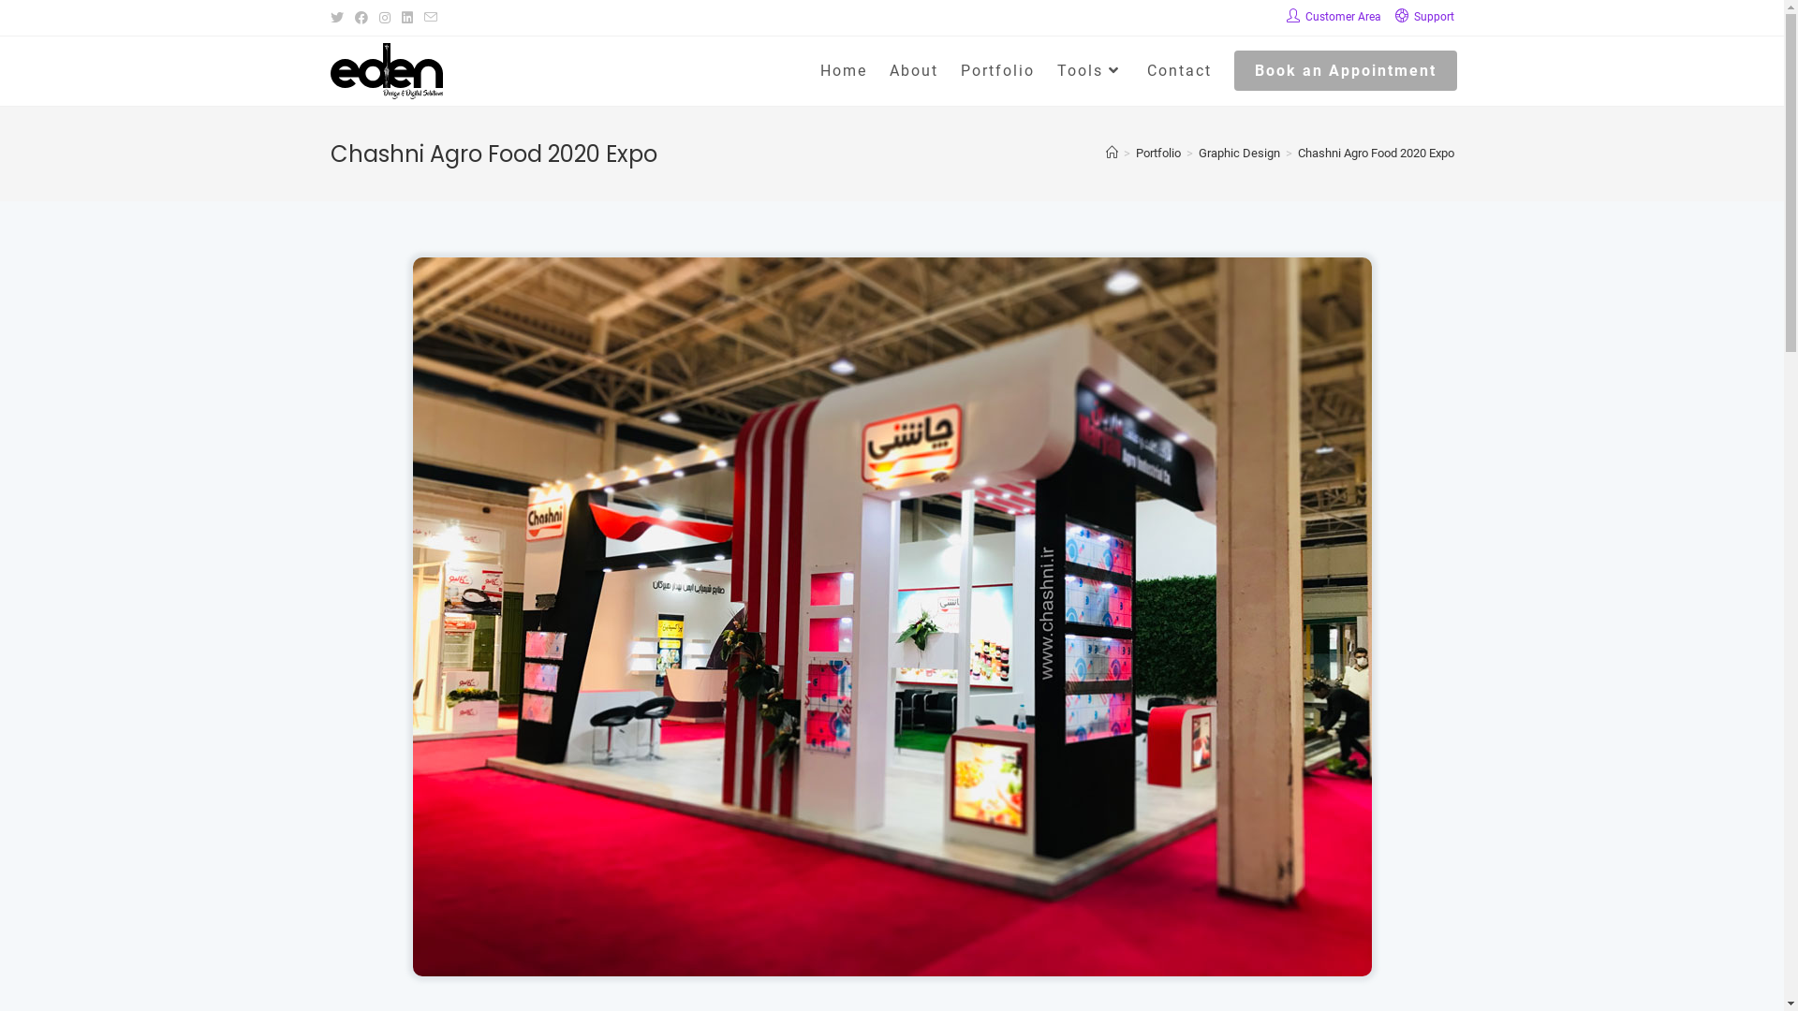 Image resolution: width=1798 pixels, height=1011 pixels. Describe the element at coordinates (1312, 784) in the screenshot. I see `'T-Shirt Print'` at that location.